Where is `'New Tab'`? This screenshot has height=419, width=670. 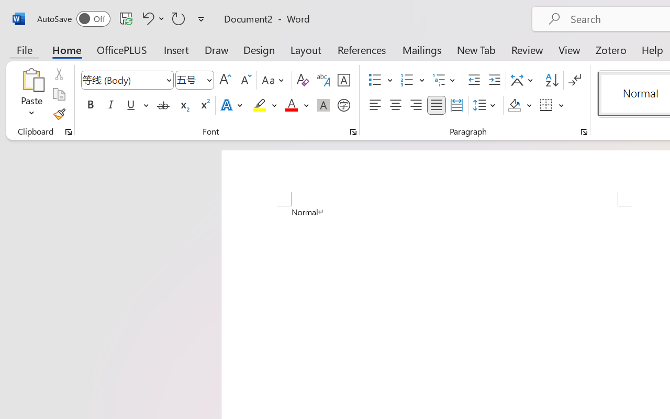 'New Tab' is located at coordinates (476, 49).